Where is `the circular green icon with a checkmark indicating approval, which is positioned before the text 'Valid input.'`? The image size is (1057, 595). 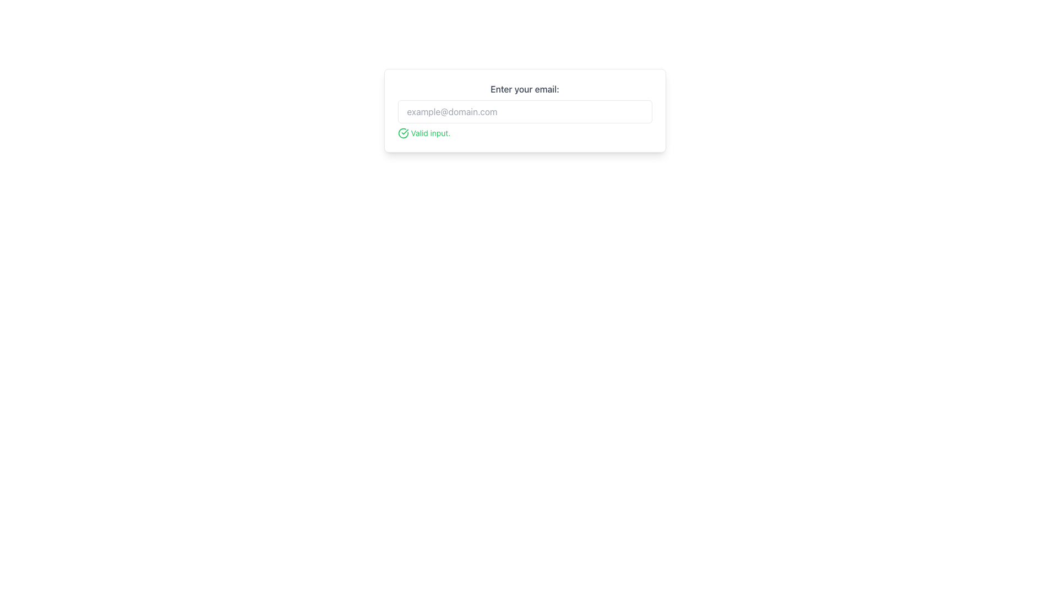 the circular green icon with a checkmark indicating approval, which is positioned before the text 'Valid input.' is located at coordinates (402, 133).